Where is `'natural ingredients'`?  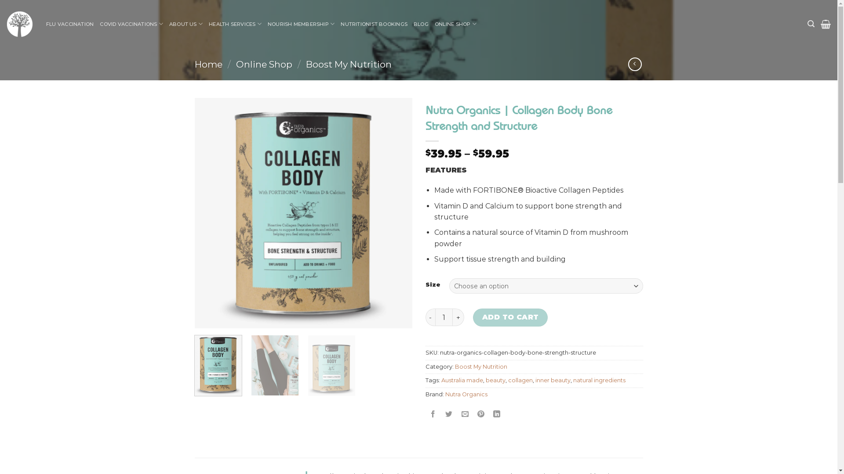
'natural ingredients' is located at coordinates (573, 380).